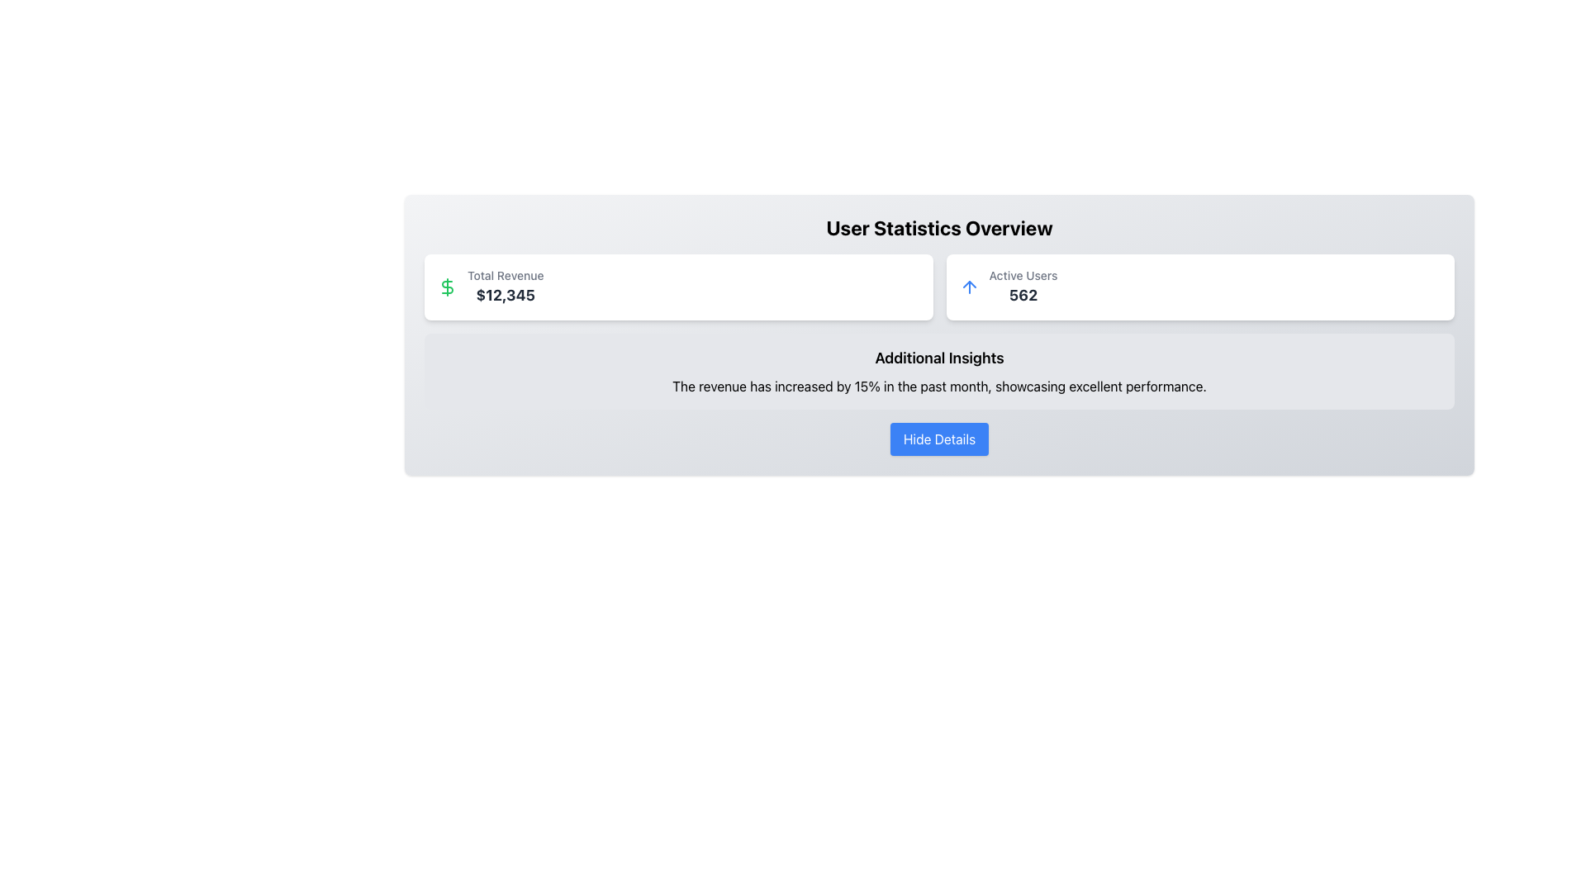  What do you see at coordinates (939, 439) in the screenshot?
I see `the button` at bounding box center [939, 439].